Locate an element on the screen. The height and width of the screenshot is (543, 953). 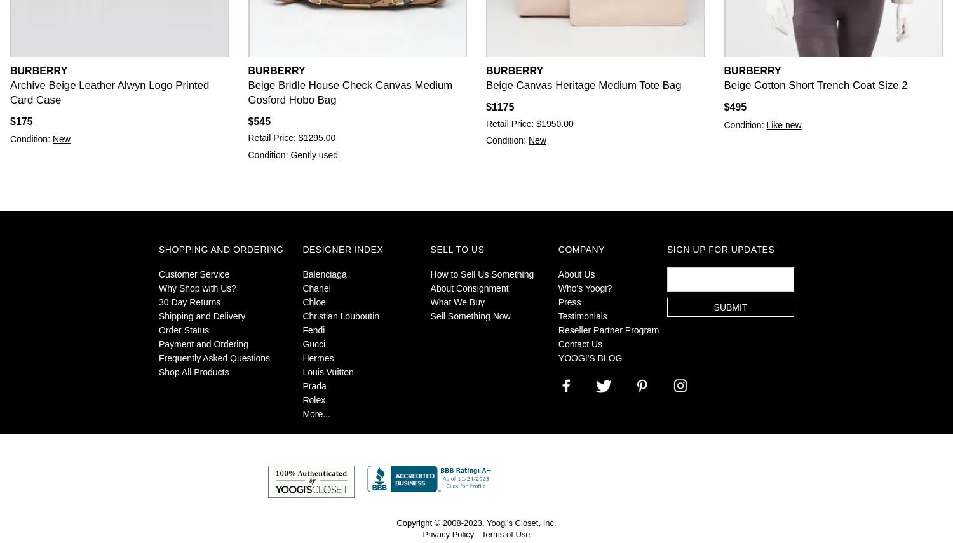
'Shipping and Delivery' is located at coordinates (201, 316).